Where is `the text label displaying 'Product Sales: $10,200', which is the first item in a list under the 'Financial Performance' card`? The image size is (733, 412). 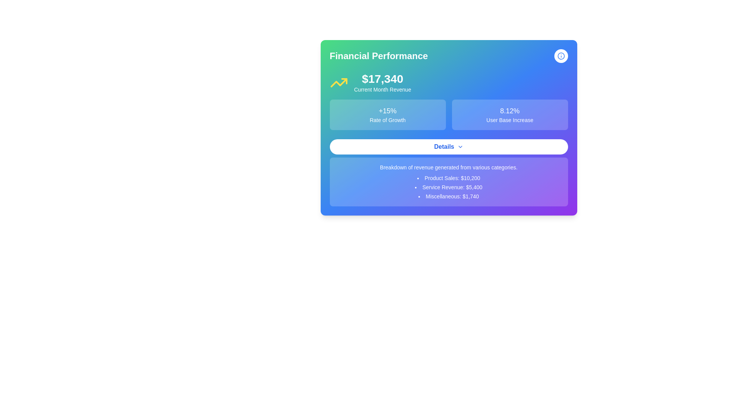 the text label displaying 'Product Sales: $10,200', which is the first item in a list under the 'Financial Performance' card is located at coordinates (449, 178).